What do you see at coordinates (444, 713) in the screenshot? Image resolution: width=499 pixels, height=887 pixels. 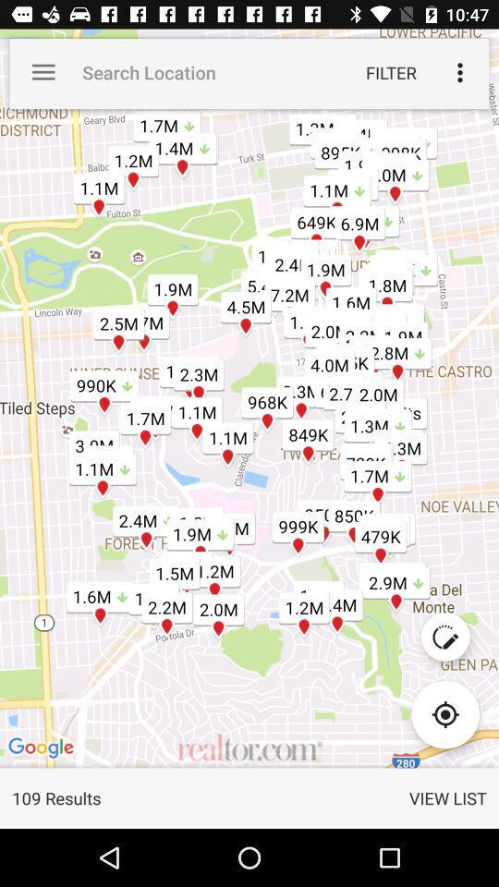 I see `the item above the view list icon` at bounding box center [444, 713].